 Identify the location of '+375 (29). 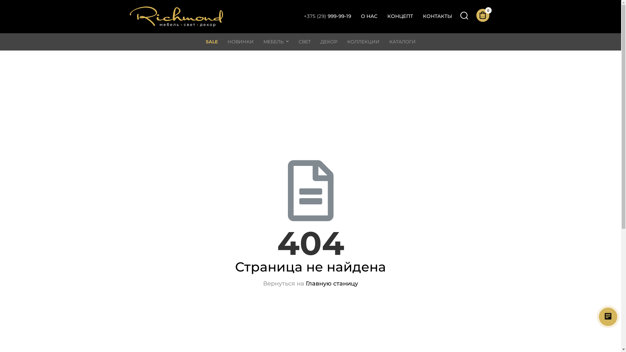
(327, 16).